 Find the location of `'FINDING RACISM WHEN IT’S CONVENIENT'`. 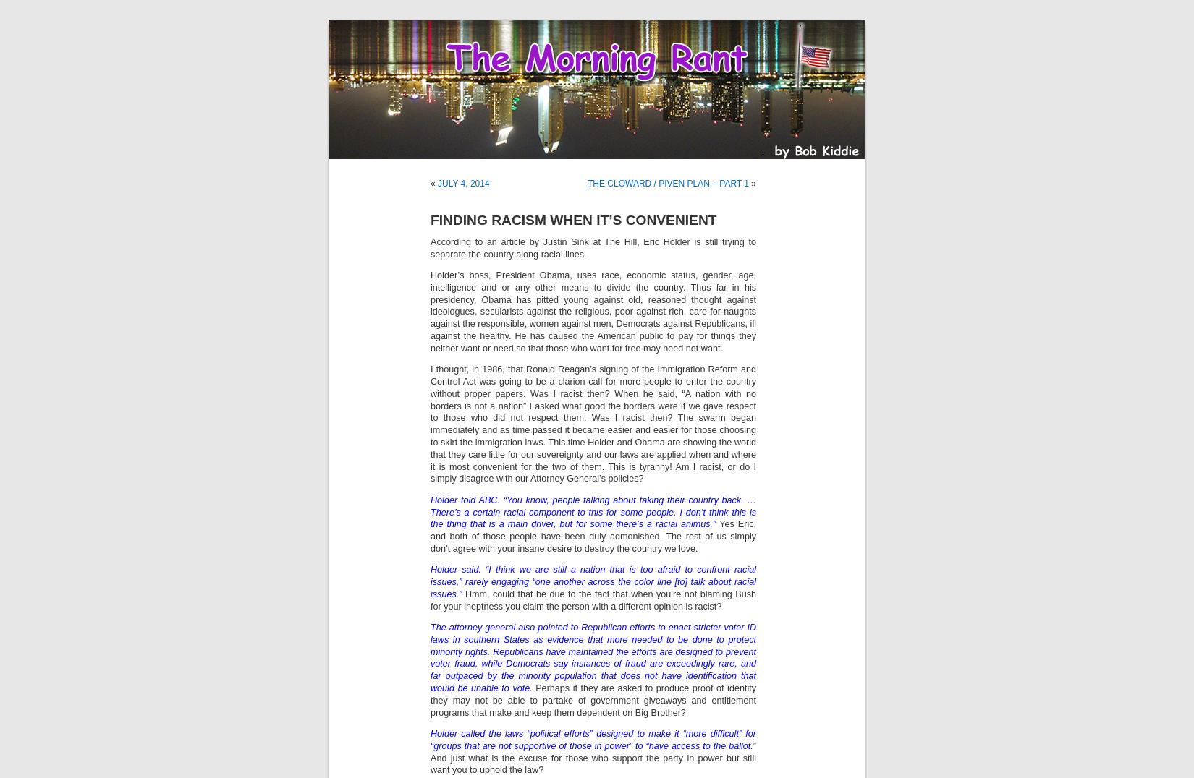

'FINDING RACISM WHEN IT’S CONVENIENT' is located at coordinates (429, 219).